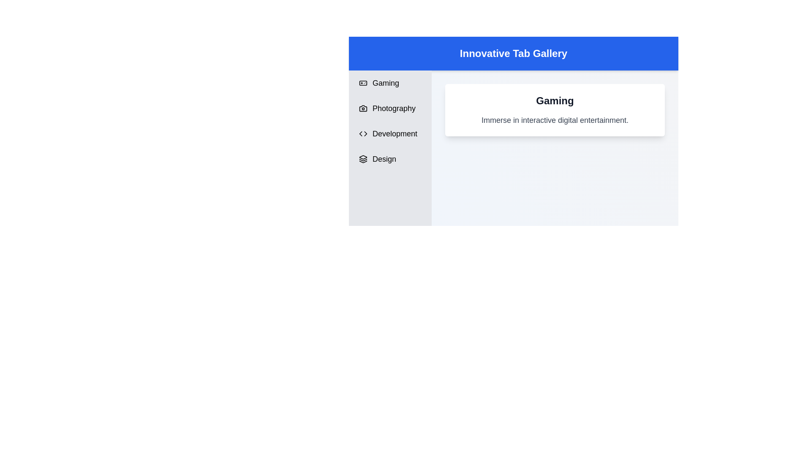 The height and width of the screenshot is (456, 811). Describe the element at coordinates (389, 133) in the screenshot. I see `the tab labeled Development to switch content` at that location.